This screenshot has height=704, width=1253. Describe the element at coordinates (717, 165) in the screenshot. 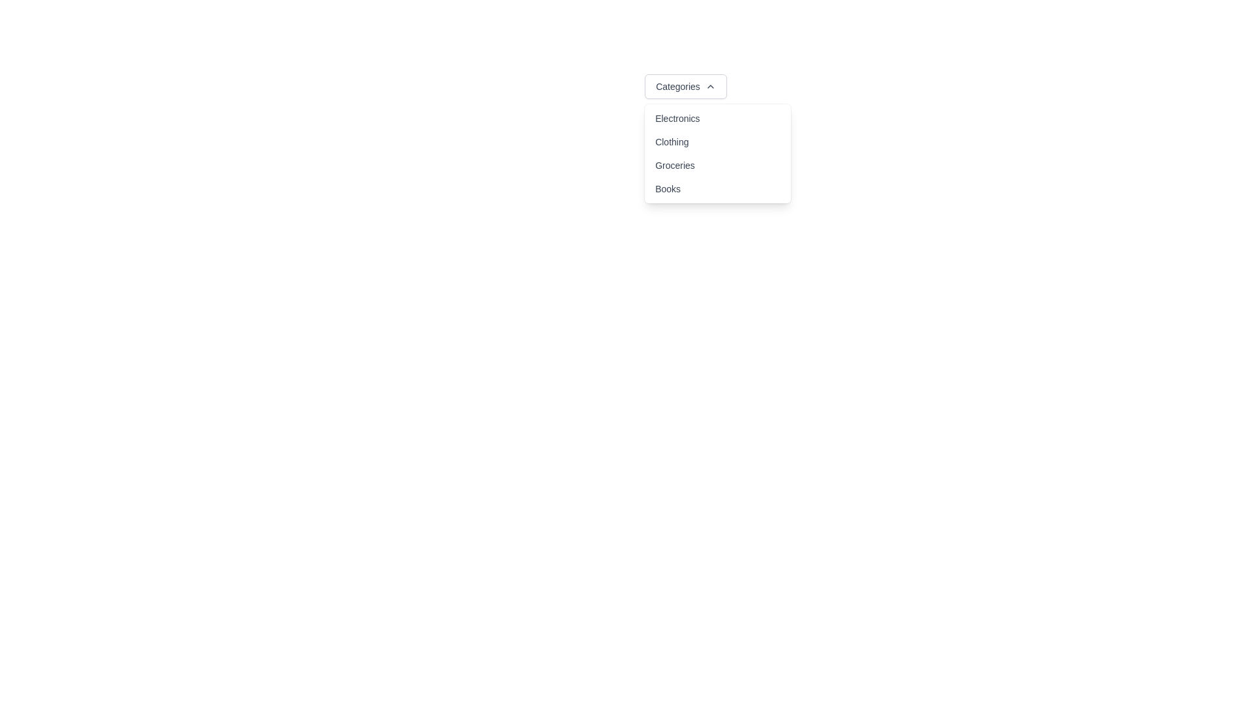

I see `the 'Groceries' option in the dropdown menu, which is the third item below 'Clothing' and above 'Books'` at that location.